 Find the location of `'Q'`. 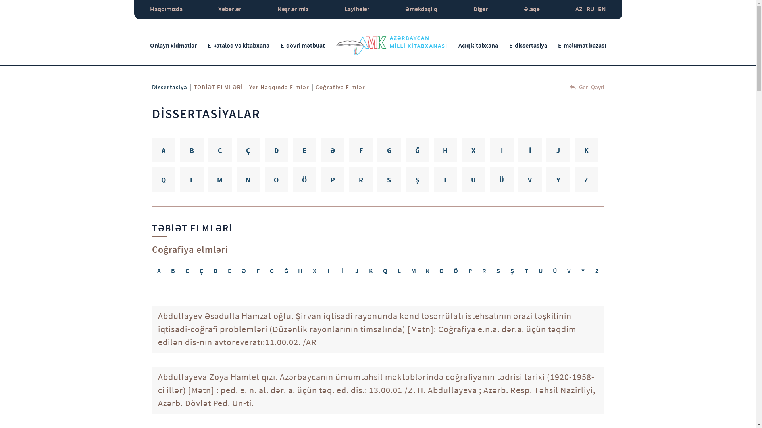

'Q' is located at coordinates (163, 179).